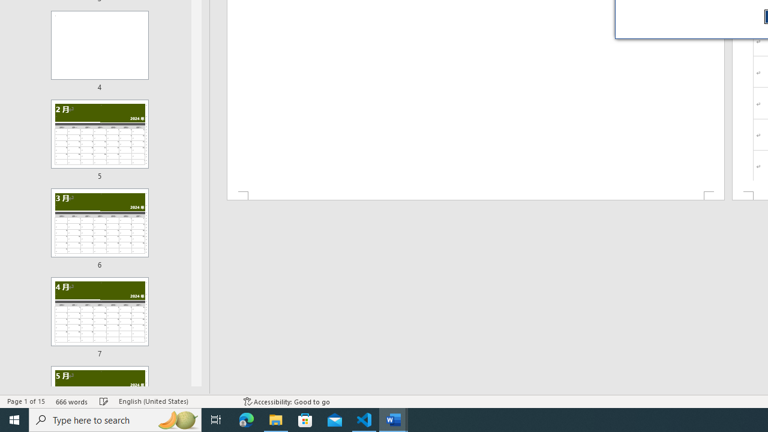 The height and width of the screenshot is (432, 768). What do you see at coordinates (104, 401) in the screenshot?
I see `'Spelling and Grammar Check Checking'` at bounding box center [104, 401].